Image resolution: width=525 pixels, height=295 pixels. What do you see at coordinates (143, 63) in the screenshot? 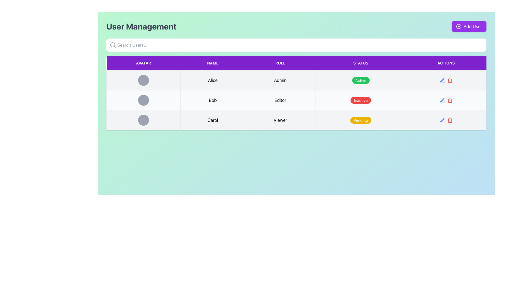
I see `the Table Header Cell with the purple background and white uppercase text reading 'AVATAR', which is the first cell in the header row of the table` at bounding box center [143, 63].